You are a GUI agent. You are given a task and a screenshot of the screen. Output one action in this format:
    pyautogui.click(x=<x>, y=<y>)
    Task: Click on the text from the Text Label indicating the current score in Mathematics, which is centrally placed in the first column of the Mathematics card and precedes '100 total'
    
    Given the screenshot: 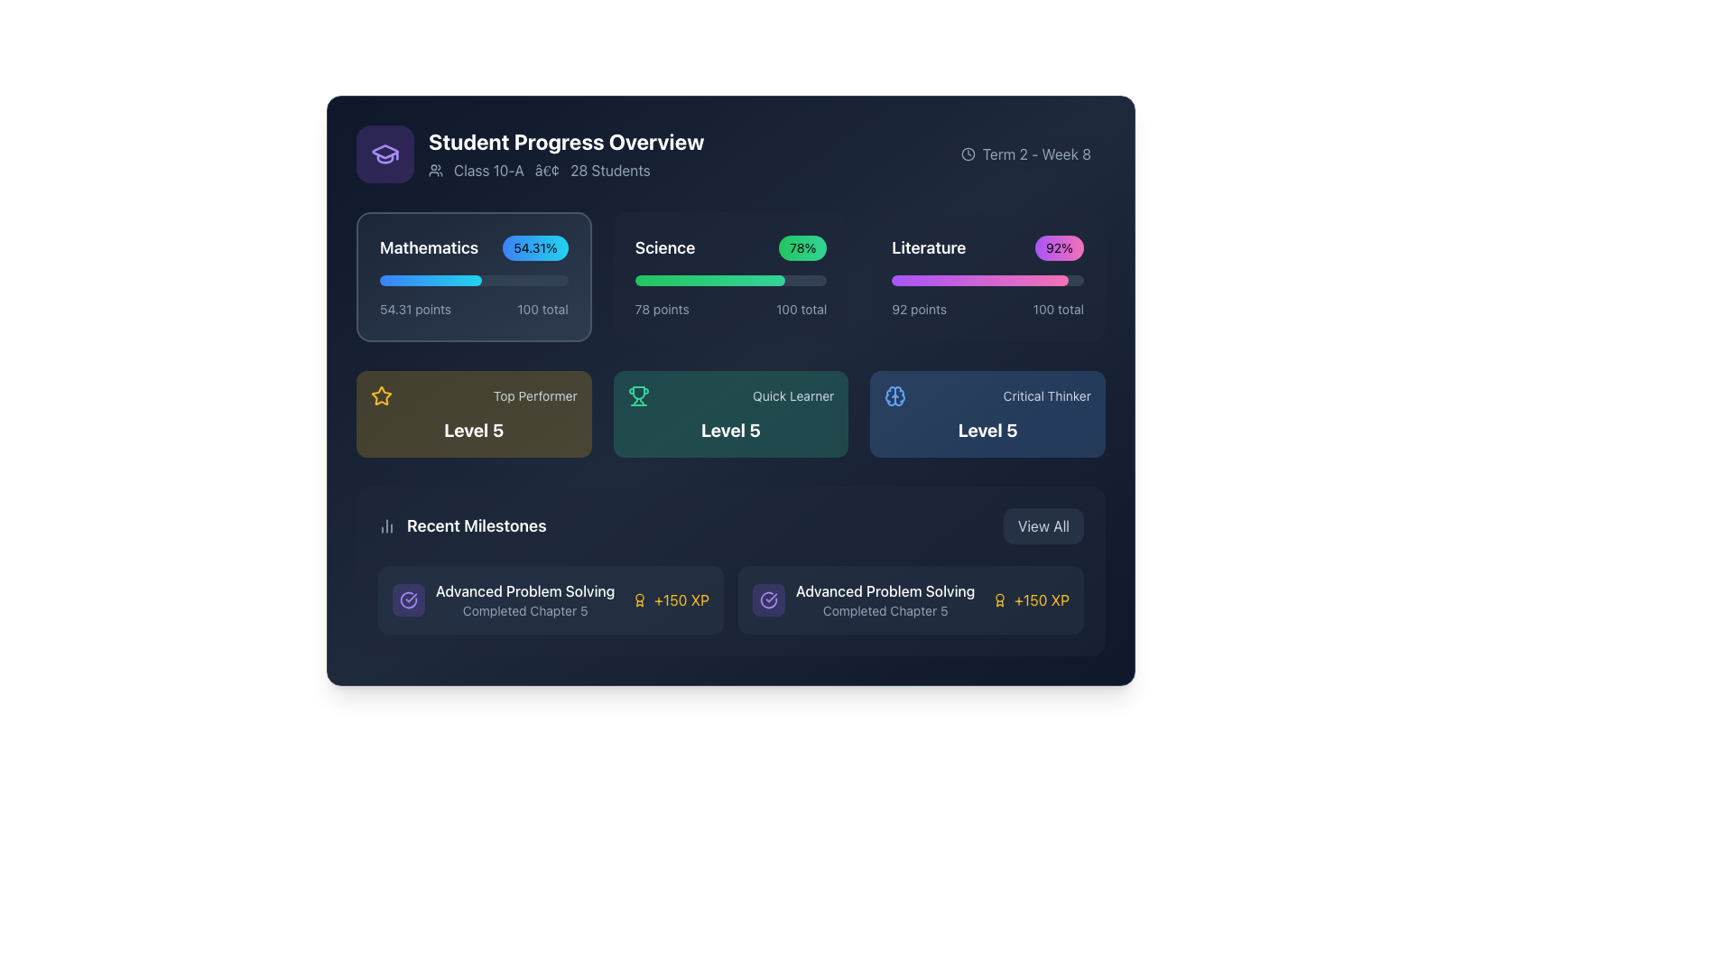 What is the action you would take?
    pyautogui.click(x=414, y=309)
    